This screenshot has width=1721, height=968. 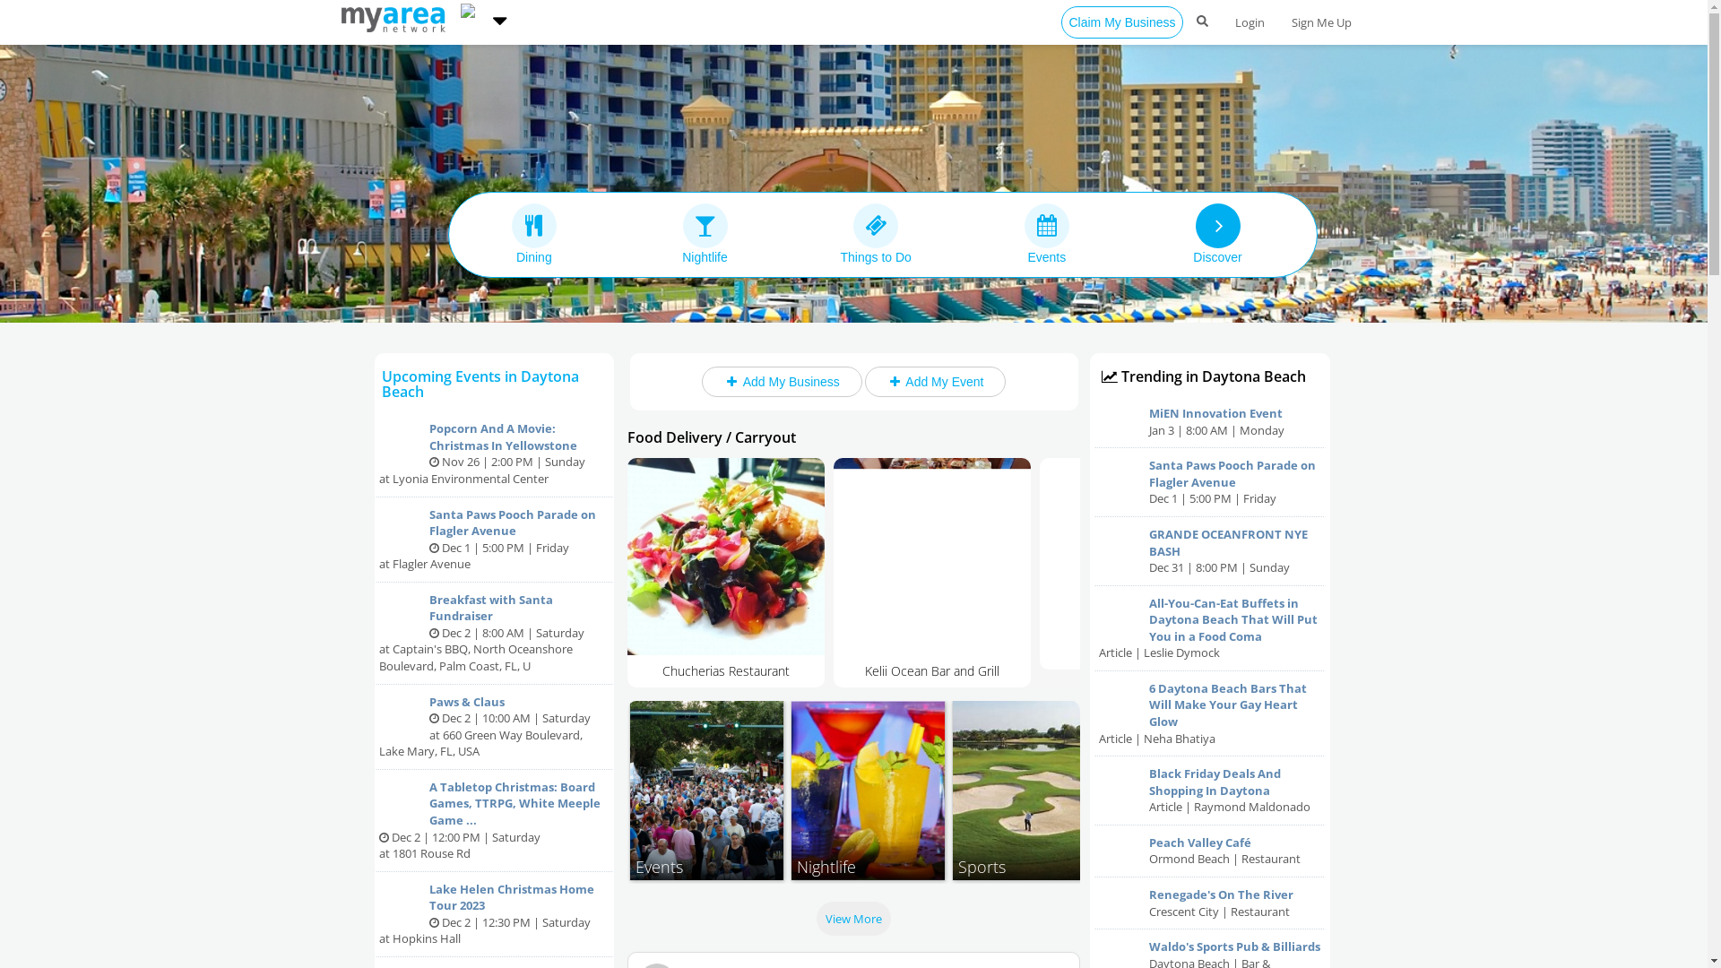 What do you see at coordinates (1321, 22) in the screenshot?
I see `'Sign Me Up'` at bounding box center [1321, 22].